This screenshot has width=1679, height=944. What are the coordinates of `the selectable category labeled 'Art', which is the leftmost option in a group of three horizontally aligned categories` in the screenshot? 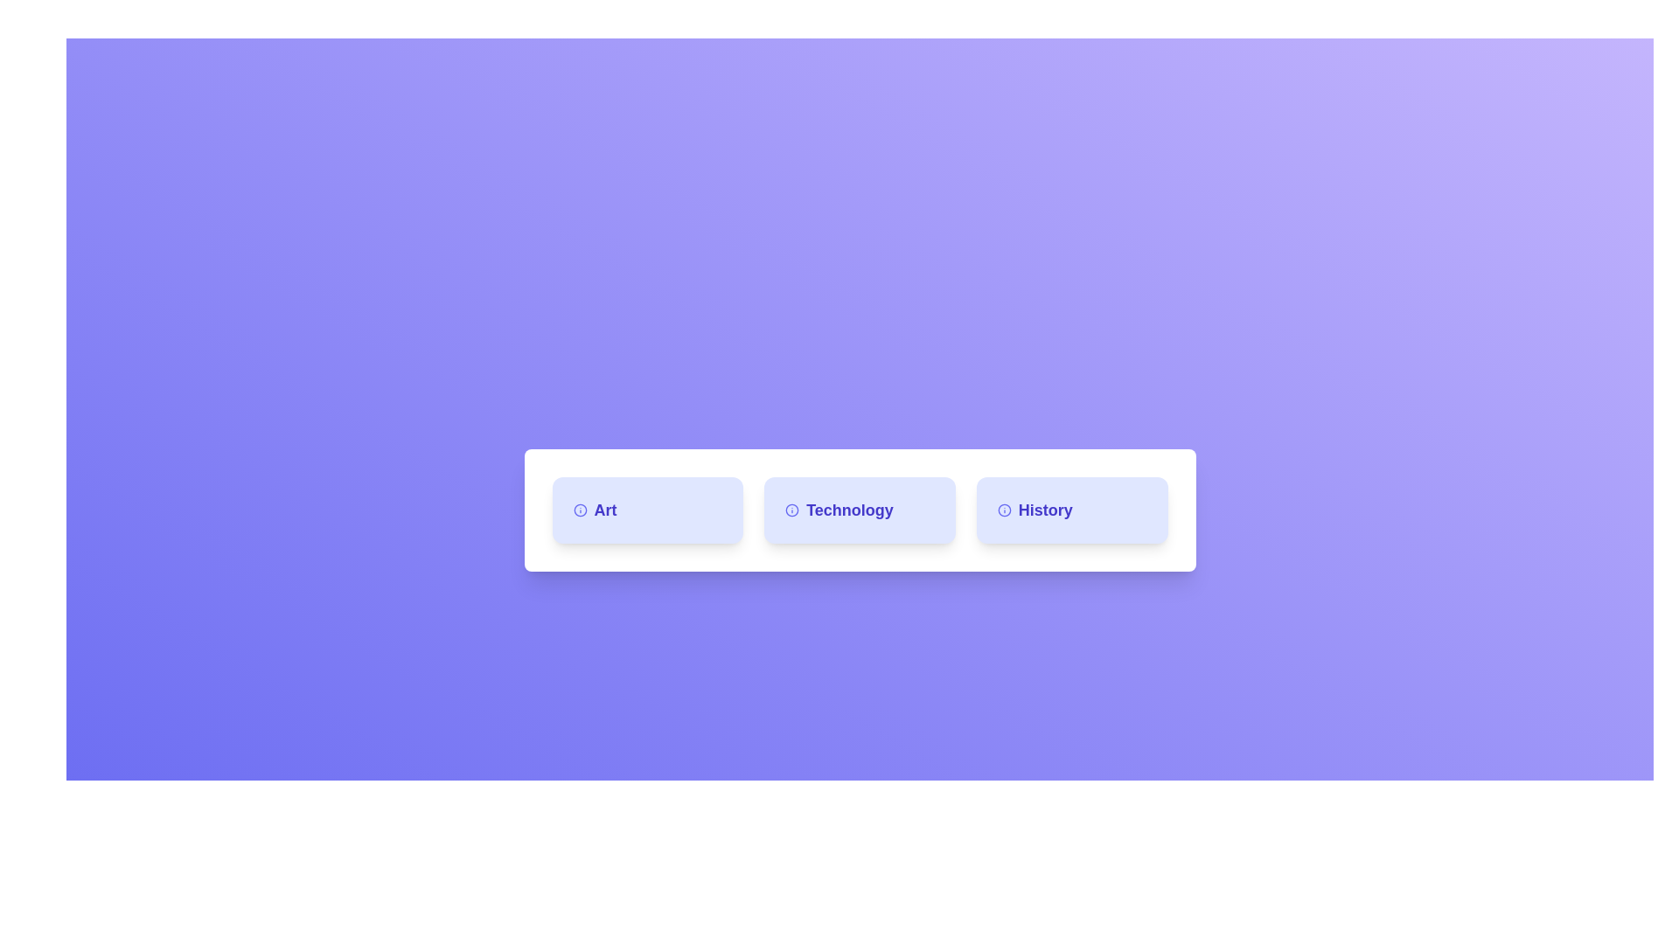 It's located at (646, 510).